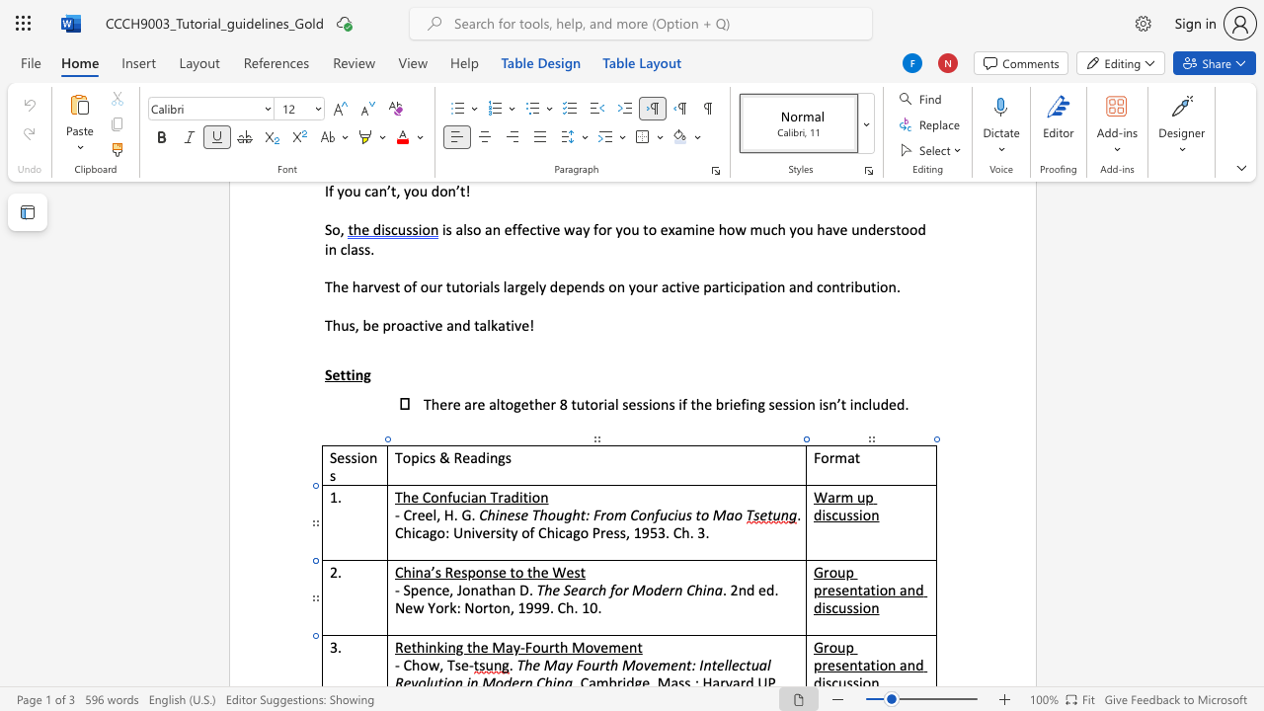 The width and height of the screenshot is (1264, 711). What do you see at coordinates (698, 589) in the screenshot?
I see `the 3th character "h" in the text` at bounding box center [698, 589].